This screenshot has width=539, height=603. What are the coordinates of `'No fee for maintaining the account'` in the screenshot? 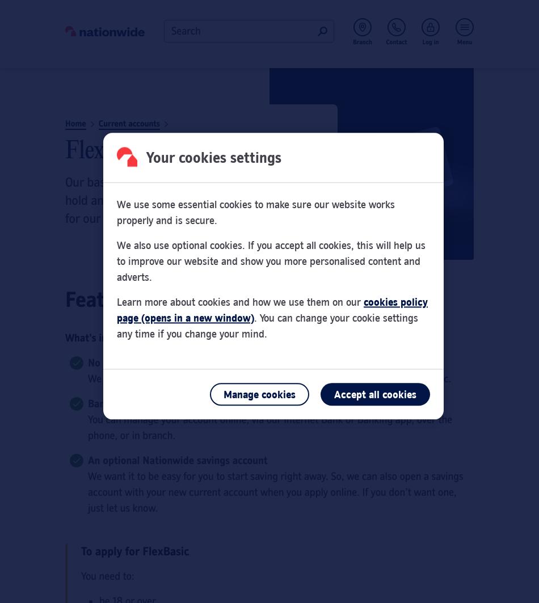 It's located at (165, 362).